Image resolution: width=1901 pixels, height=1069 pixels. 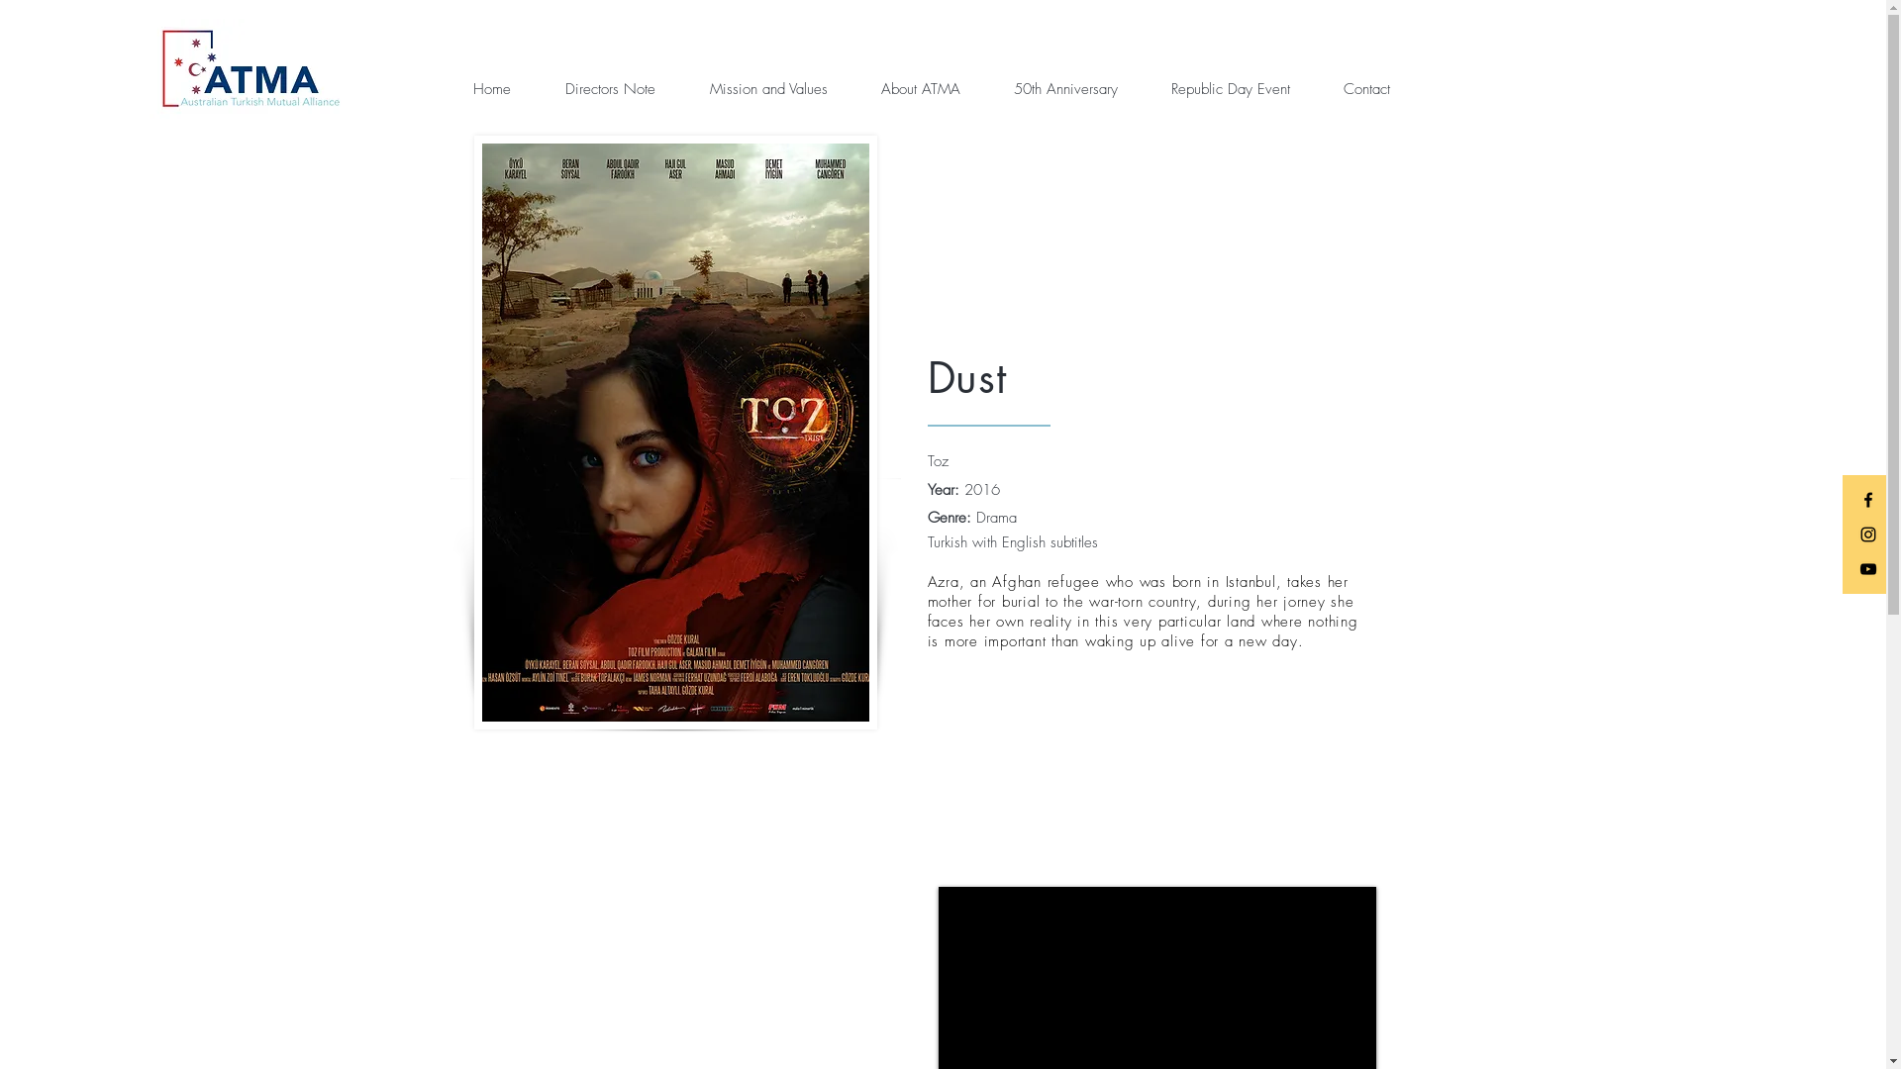 I want to click on 'ATMA logo', so click(x=249, y=67).